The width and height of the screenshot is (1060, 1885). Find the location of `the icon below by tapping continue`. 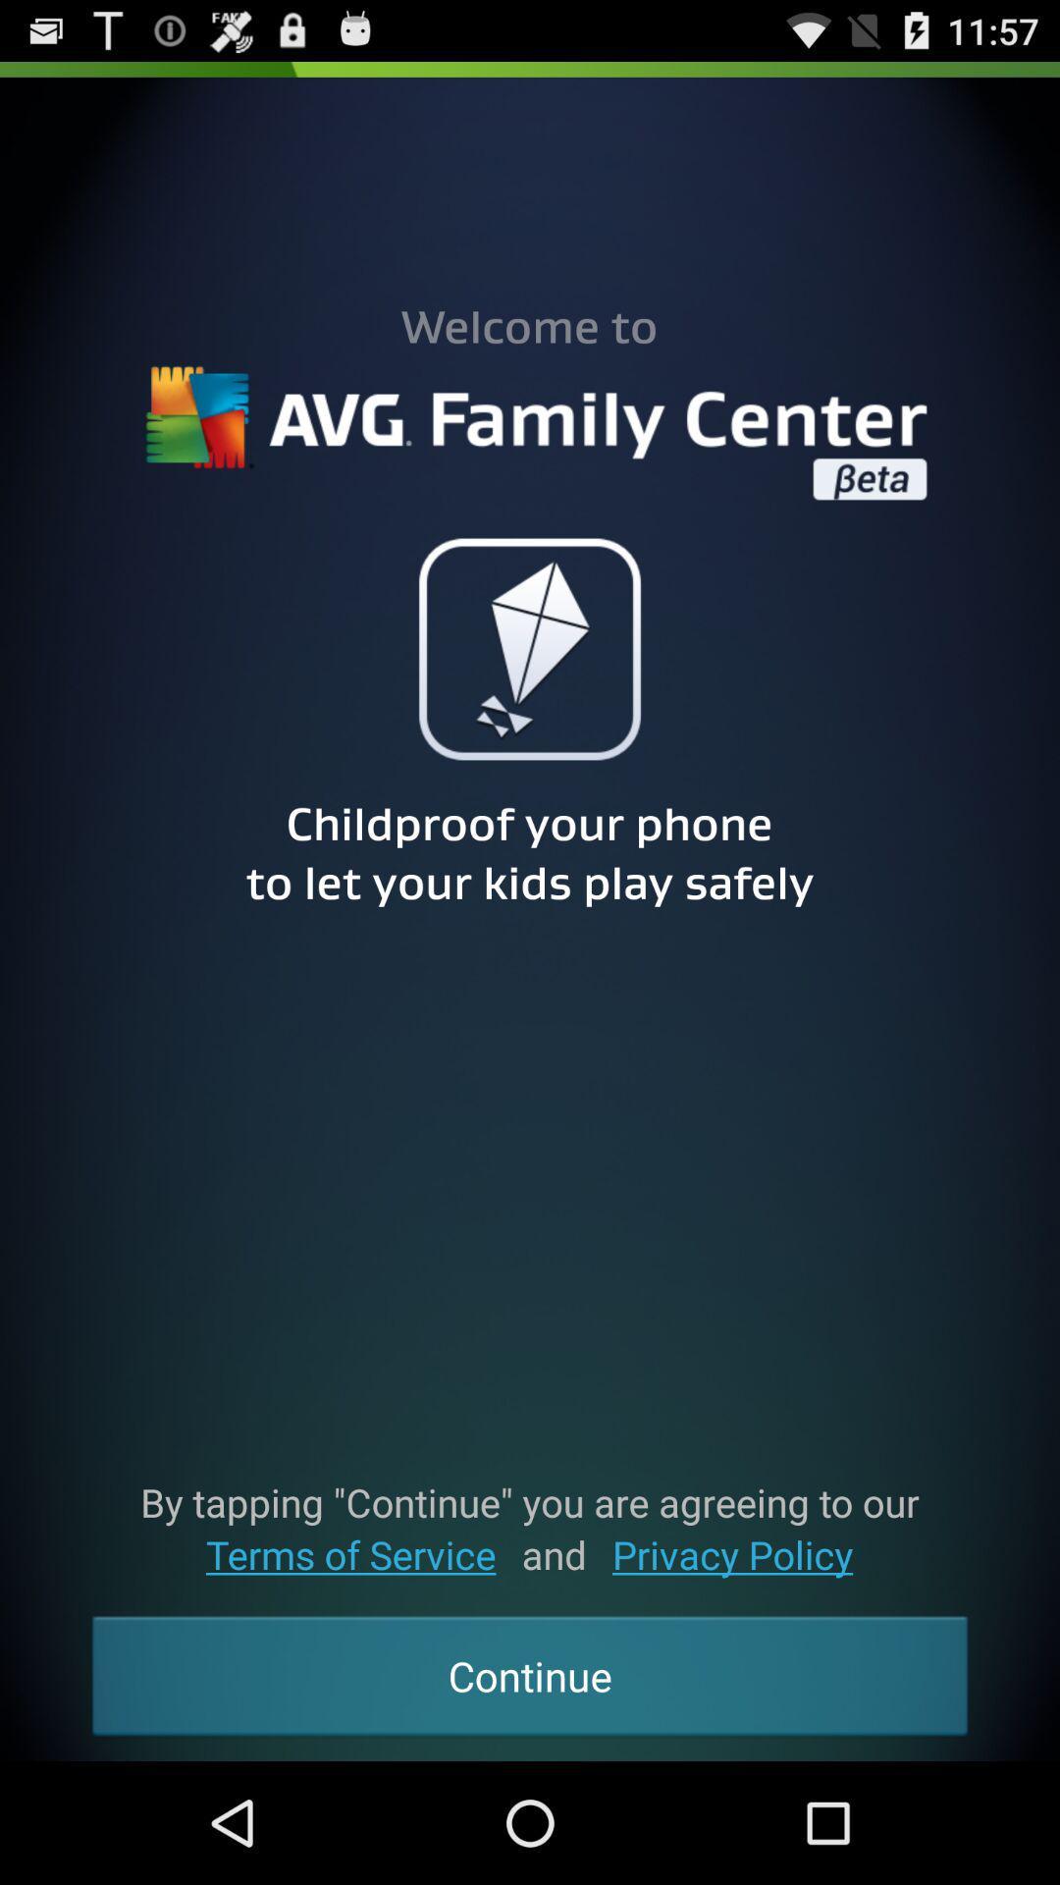

the icon below by tapping continue is located at coordinates (349, 1553).